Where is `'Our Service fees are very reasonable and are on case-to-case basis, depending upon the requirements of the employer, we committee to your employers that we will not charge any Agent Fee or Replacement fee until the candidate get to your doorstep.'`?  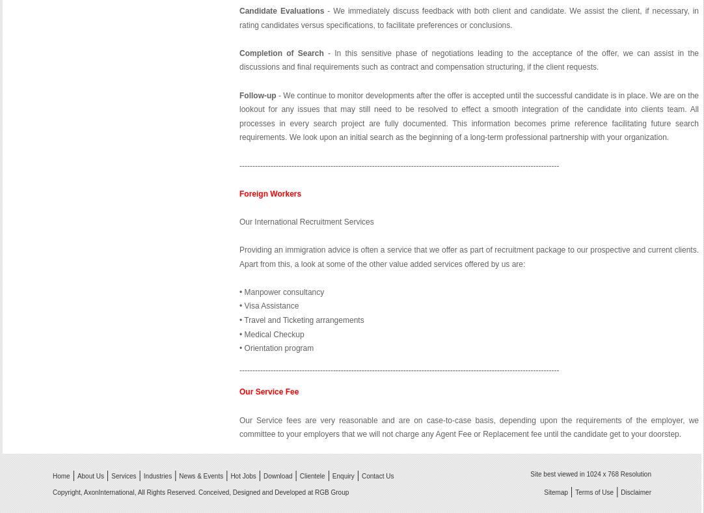
'Our Service fees are very reasonable and are on case-to-case basis, depending upon the requirements of the employer, we committee to your employers that we will not charge any Agent Fee or Replacement fee until the candidate get to your doorstep.' is located at coordinates (239, 426).